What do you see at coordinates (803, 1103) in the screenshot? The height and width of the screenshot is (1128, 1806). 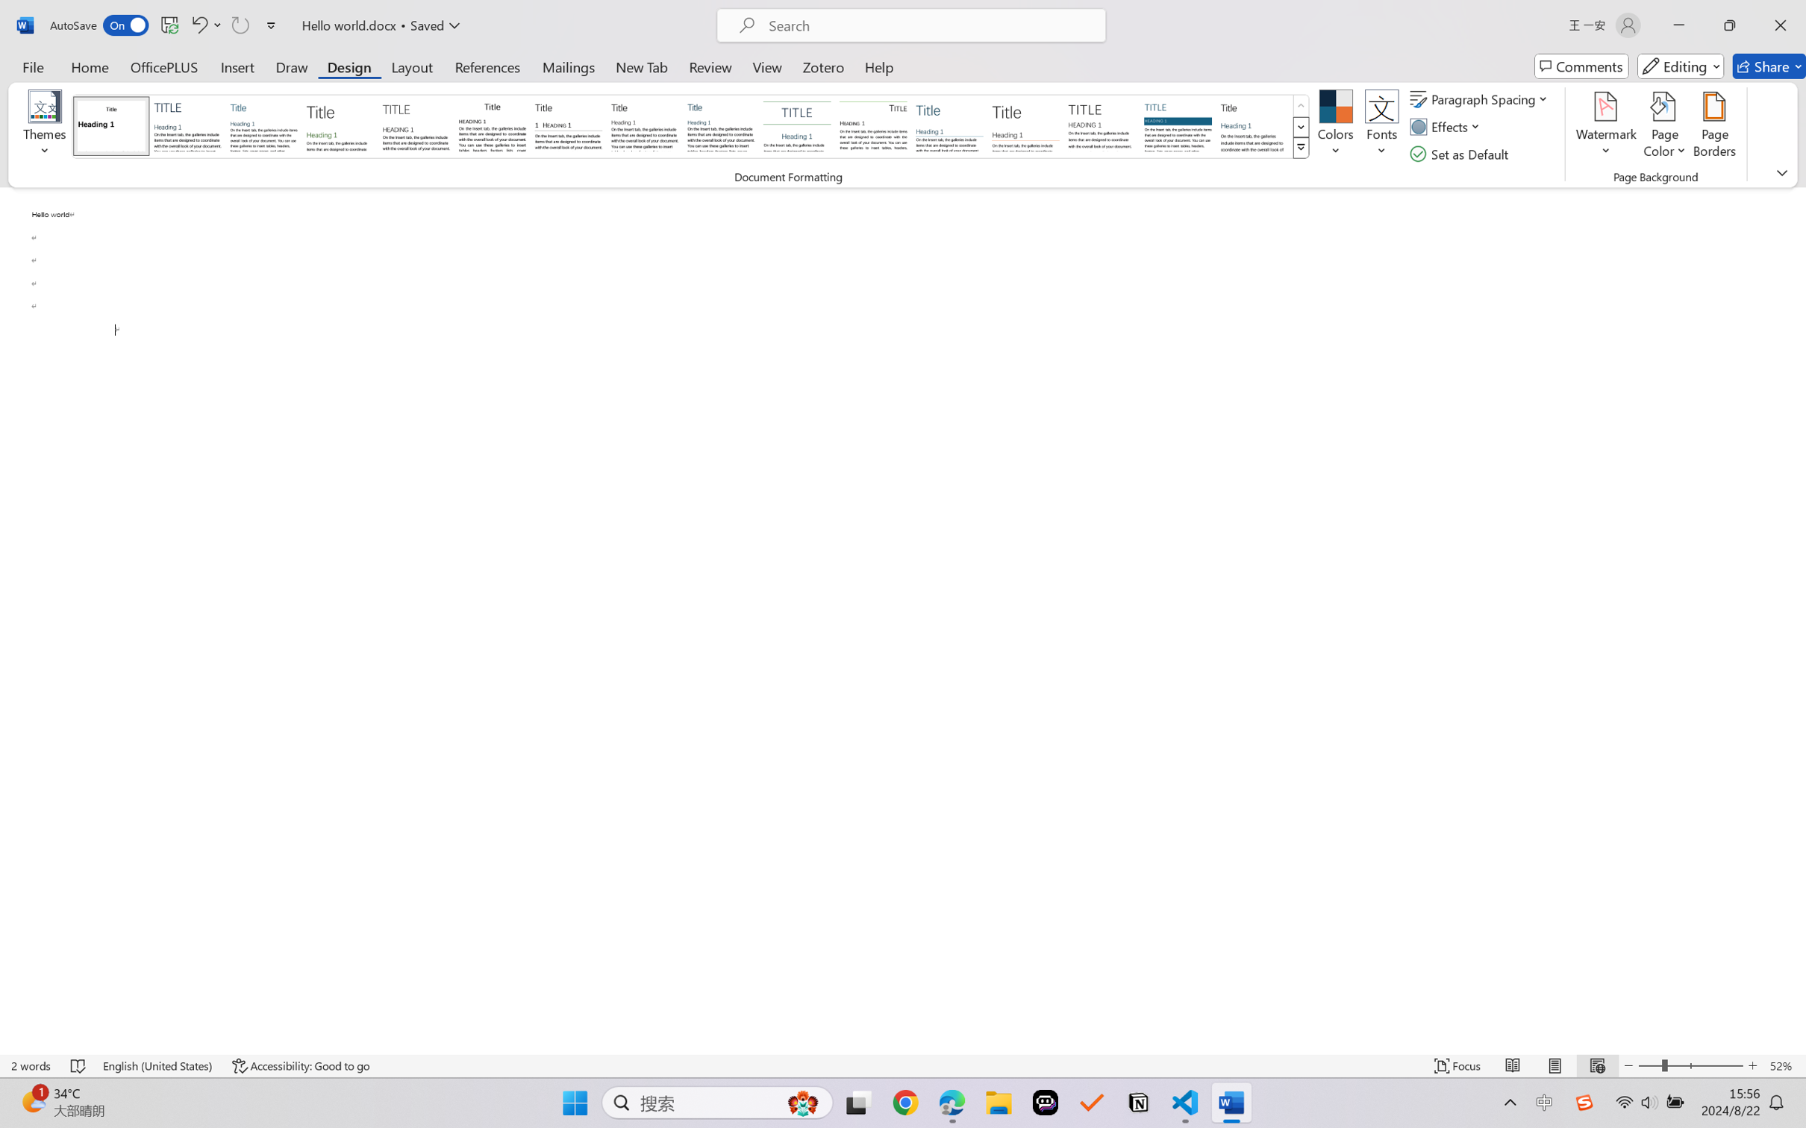 I see `'AutomationID: DynamicSearchBoxGleamImage'` at bounding box center [803, 1103].